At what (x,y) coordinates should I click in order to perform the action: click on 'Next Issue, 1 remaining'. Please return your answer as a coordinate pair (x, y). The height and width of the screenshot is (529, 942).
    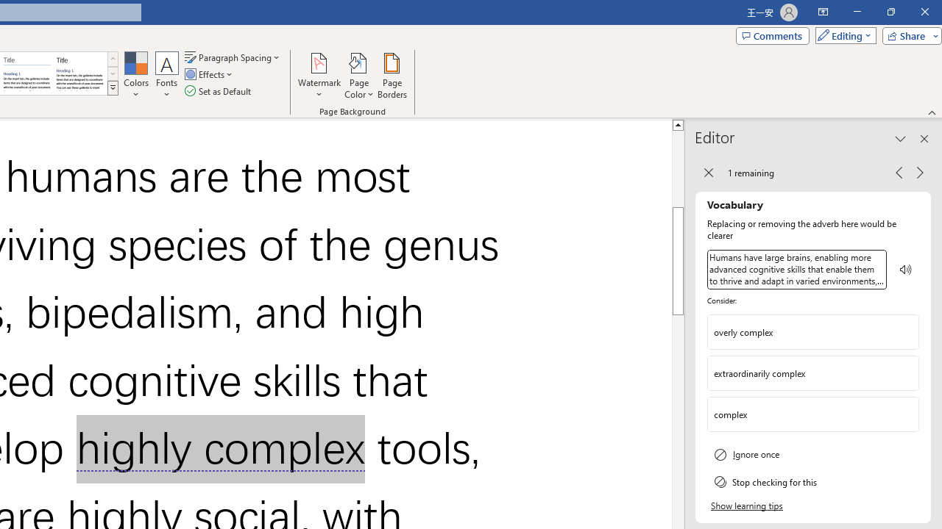
    Looking at the image, I should click on (919, 171).